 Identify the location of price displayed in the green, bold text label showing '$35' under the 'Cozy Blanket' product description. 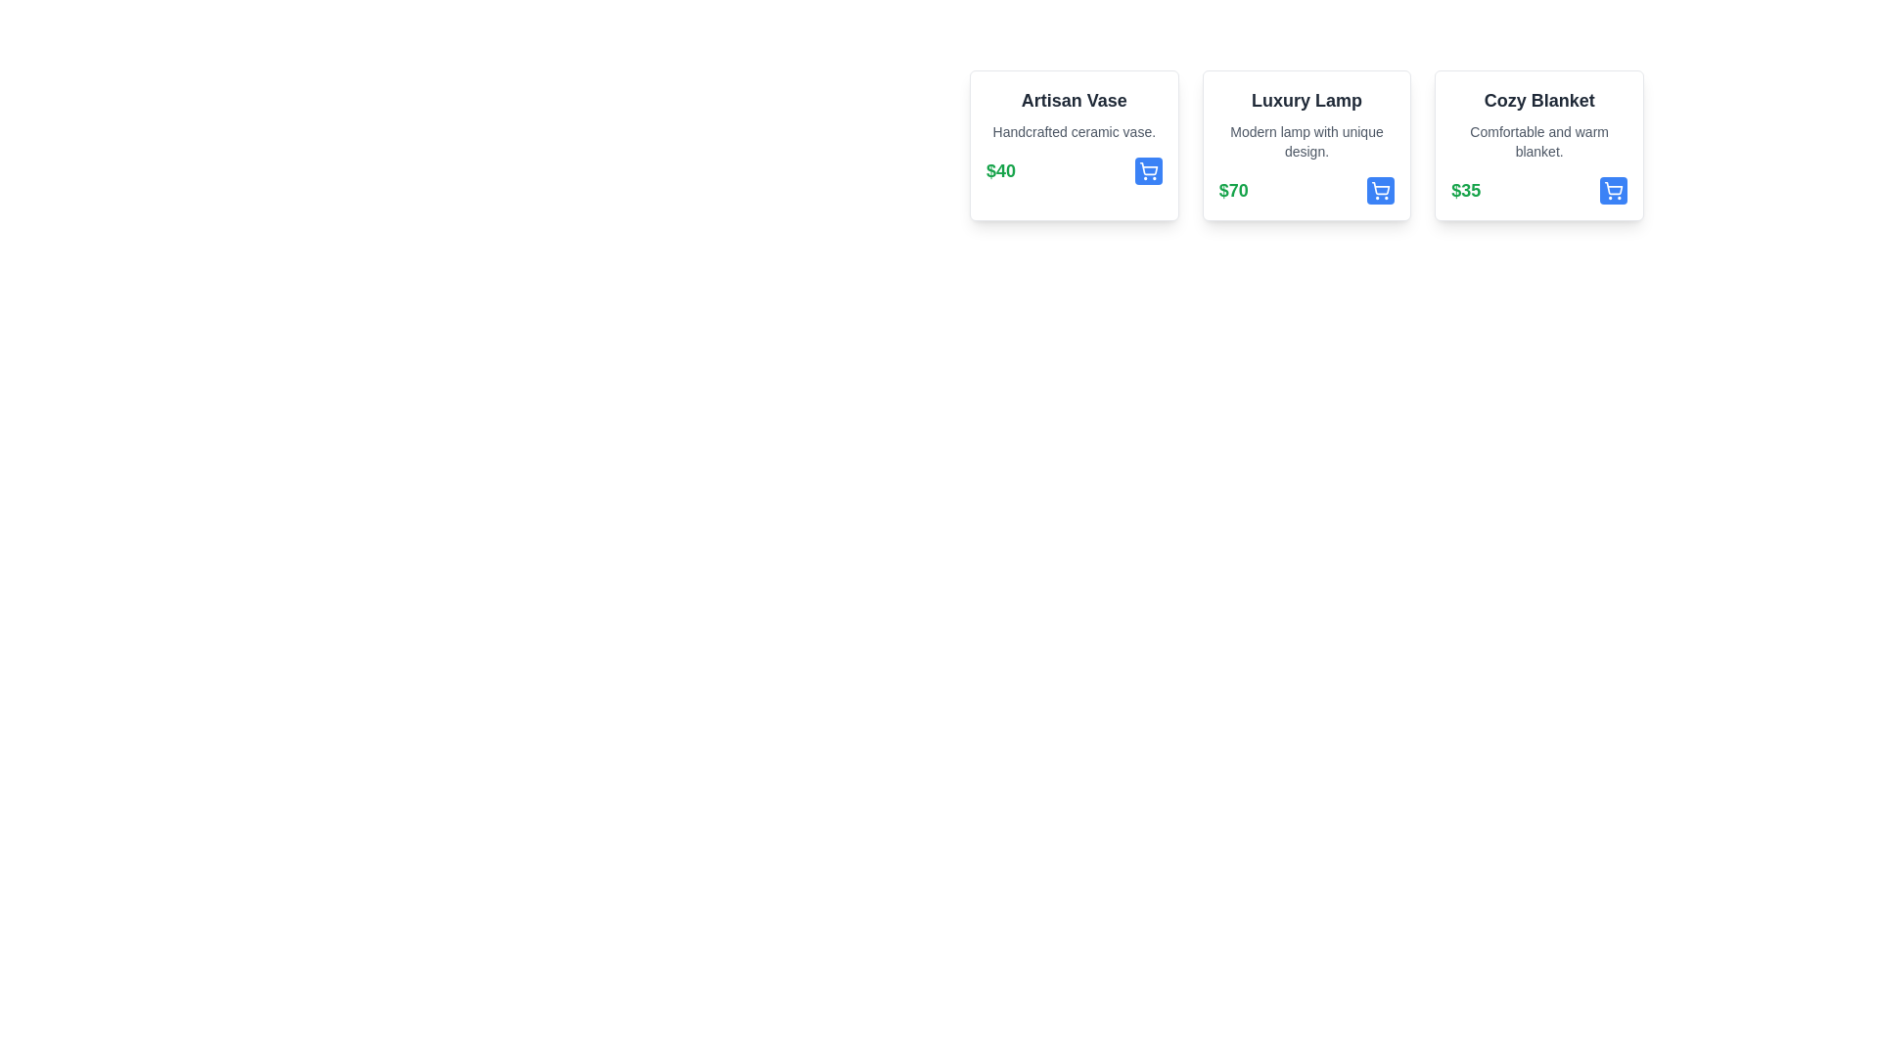
(1466, 191).